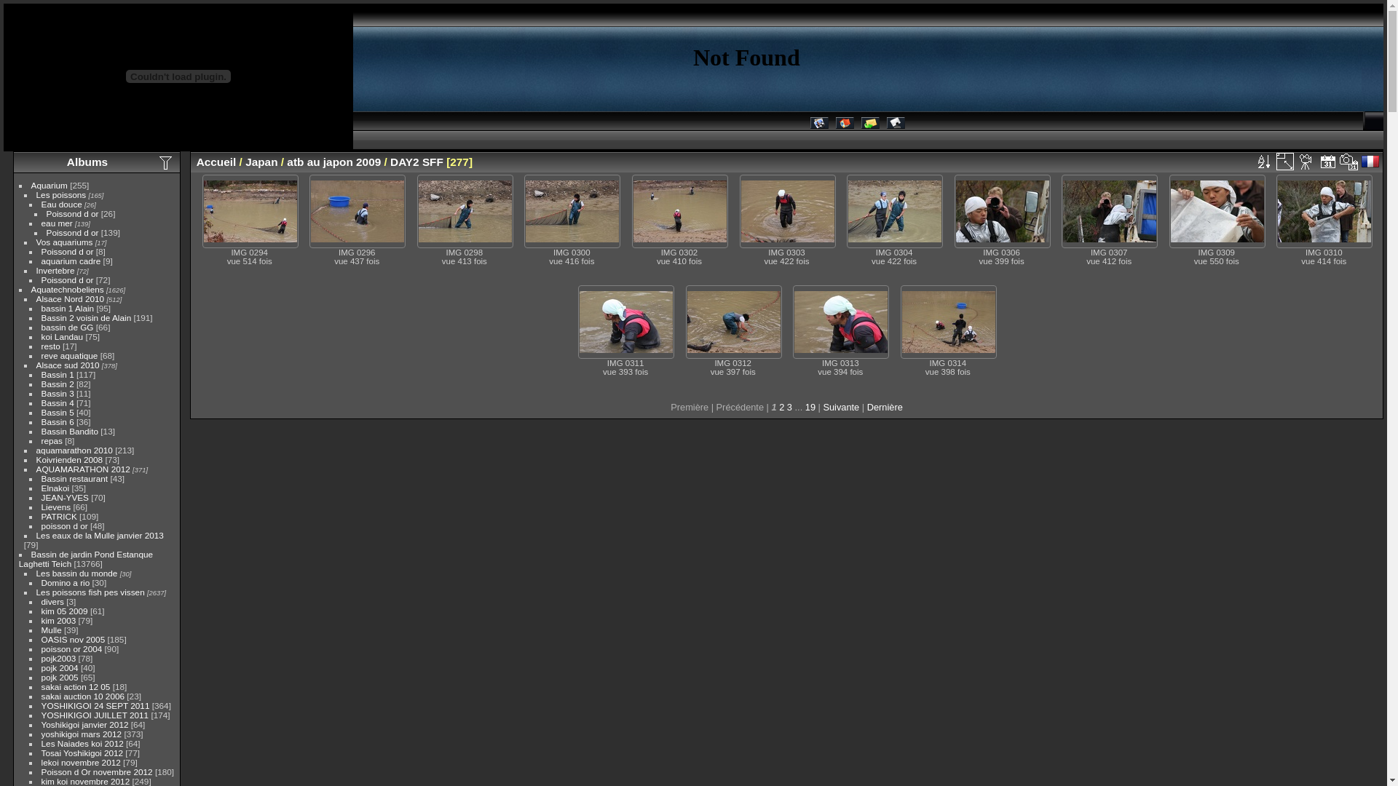 Image resolution: width=1398 pixels, height=786 pixels. I want to click on 'Les poissons fish pes vissen', so click(90, 592).